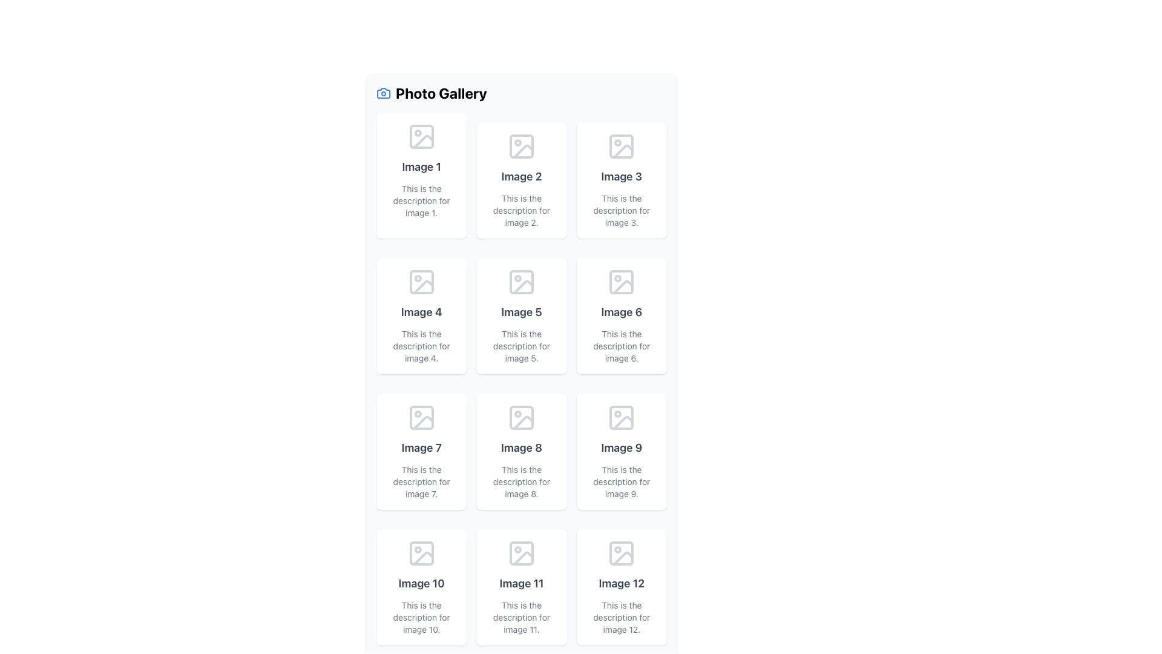 This screenshot has width=1162, height=654. I want to click on the gray-toned outline icon representing an image, located at the top of the third column, above the text 'Image 3', so click(622, 146).